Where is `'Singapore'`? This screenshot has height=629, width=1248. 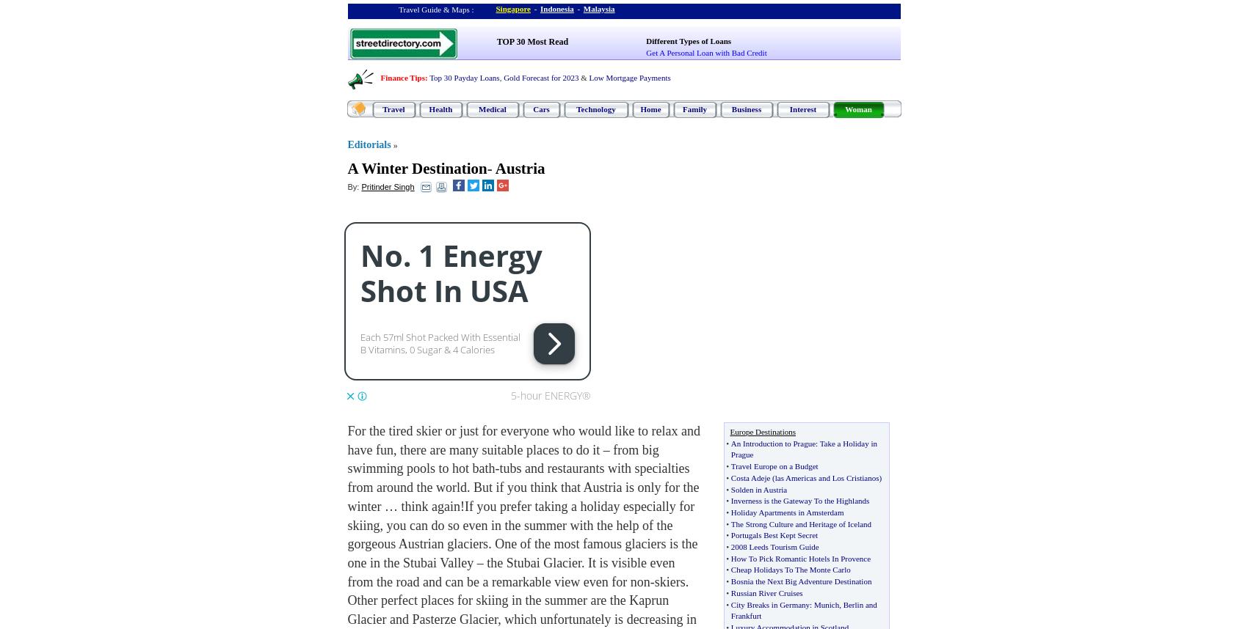
'Singapore' is located at coordinates (512, 9).